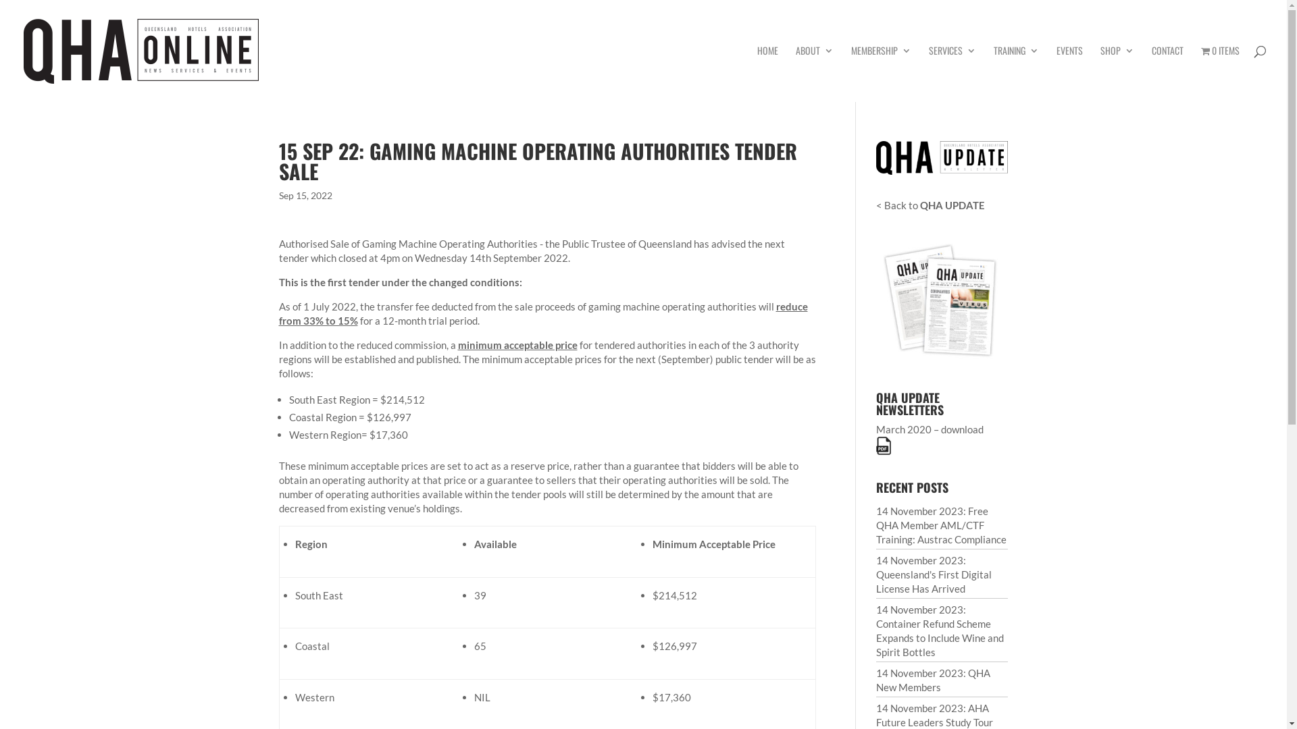 The width and height of the screenshot is (1297, 729). I want to click on 'EVENTS', so click(1069, 73).